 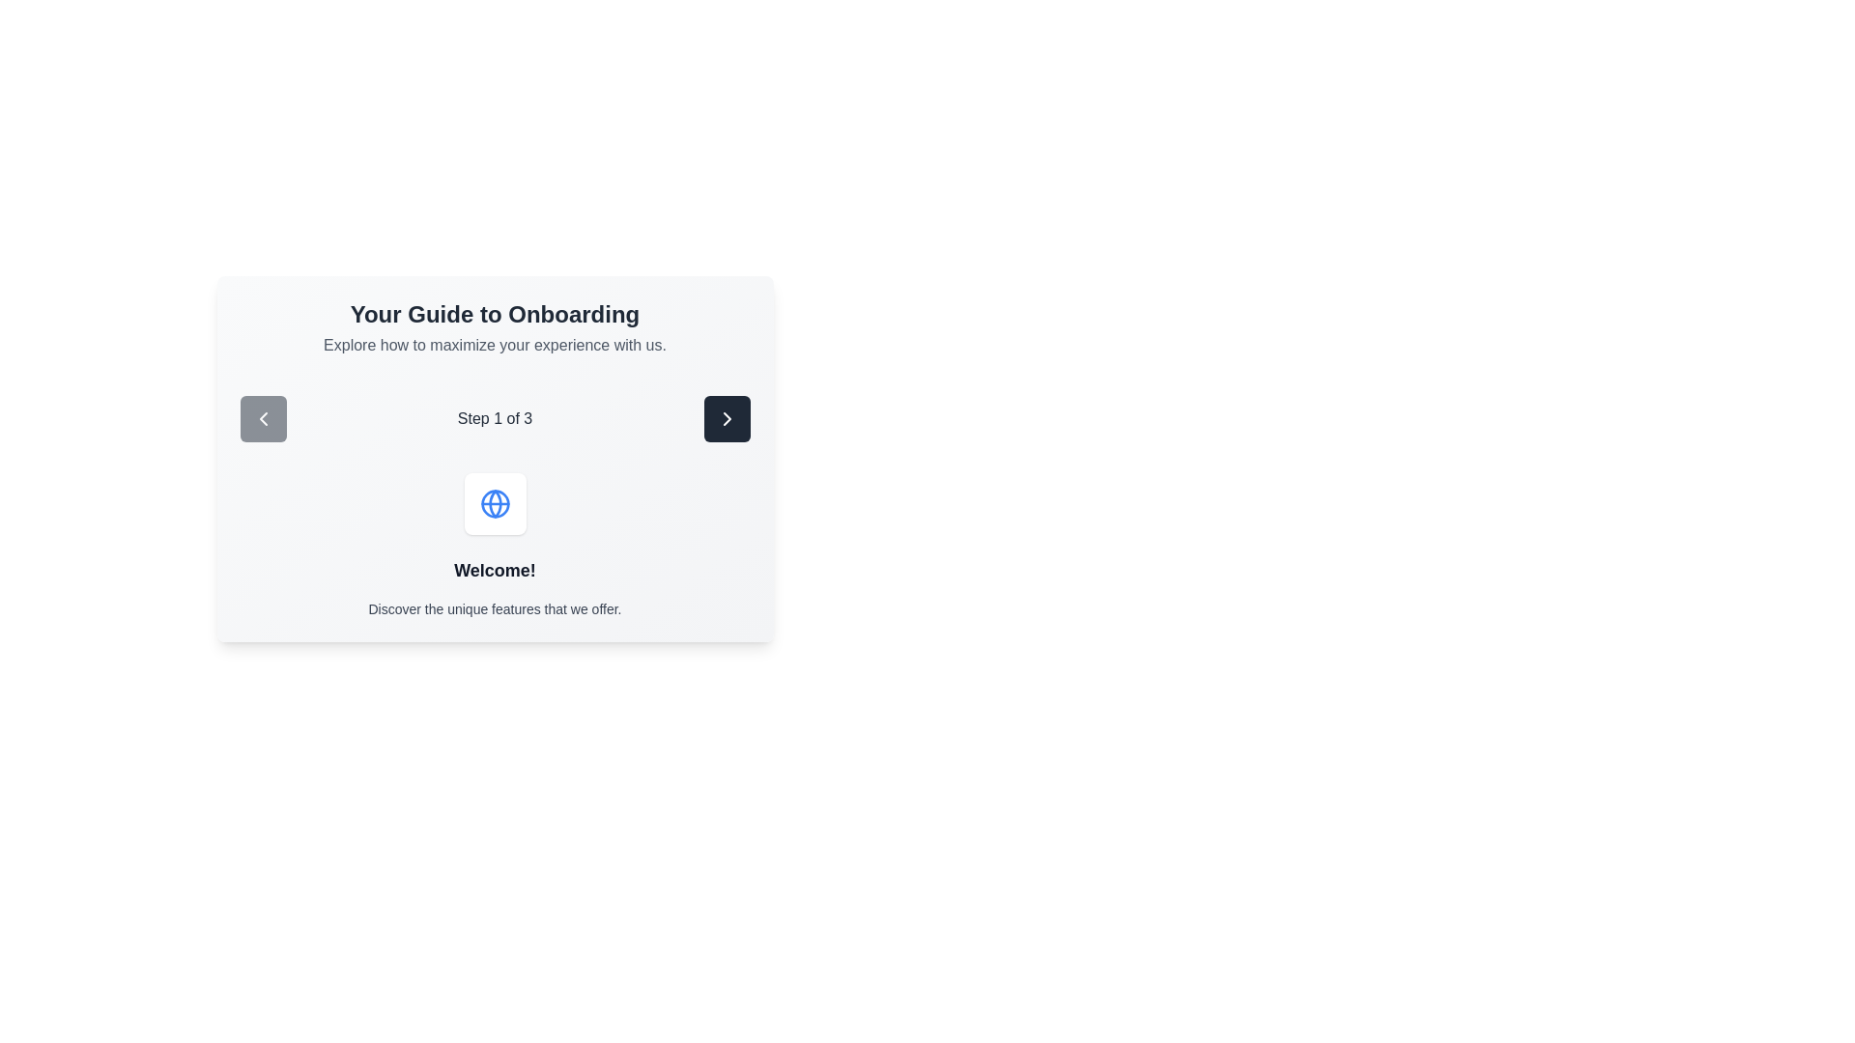 I want to click on the header text block of the onboarding guide, which provides introductory information above the 'Step 1 of 3' section, so click(x=495, y=326).